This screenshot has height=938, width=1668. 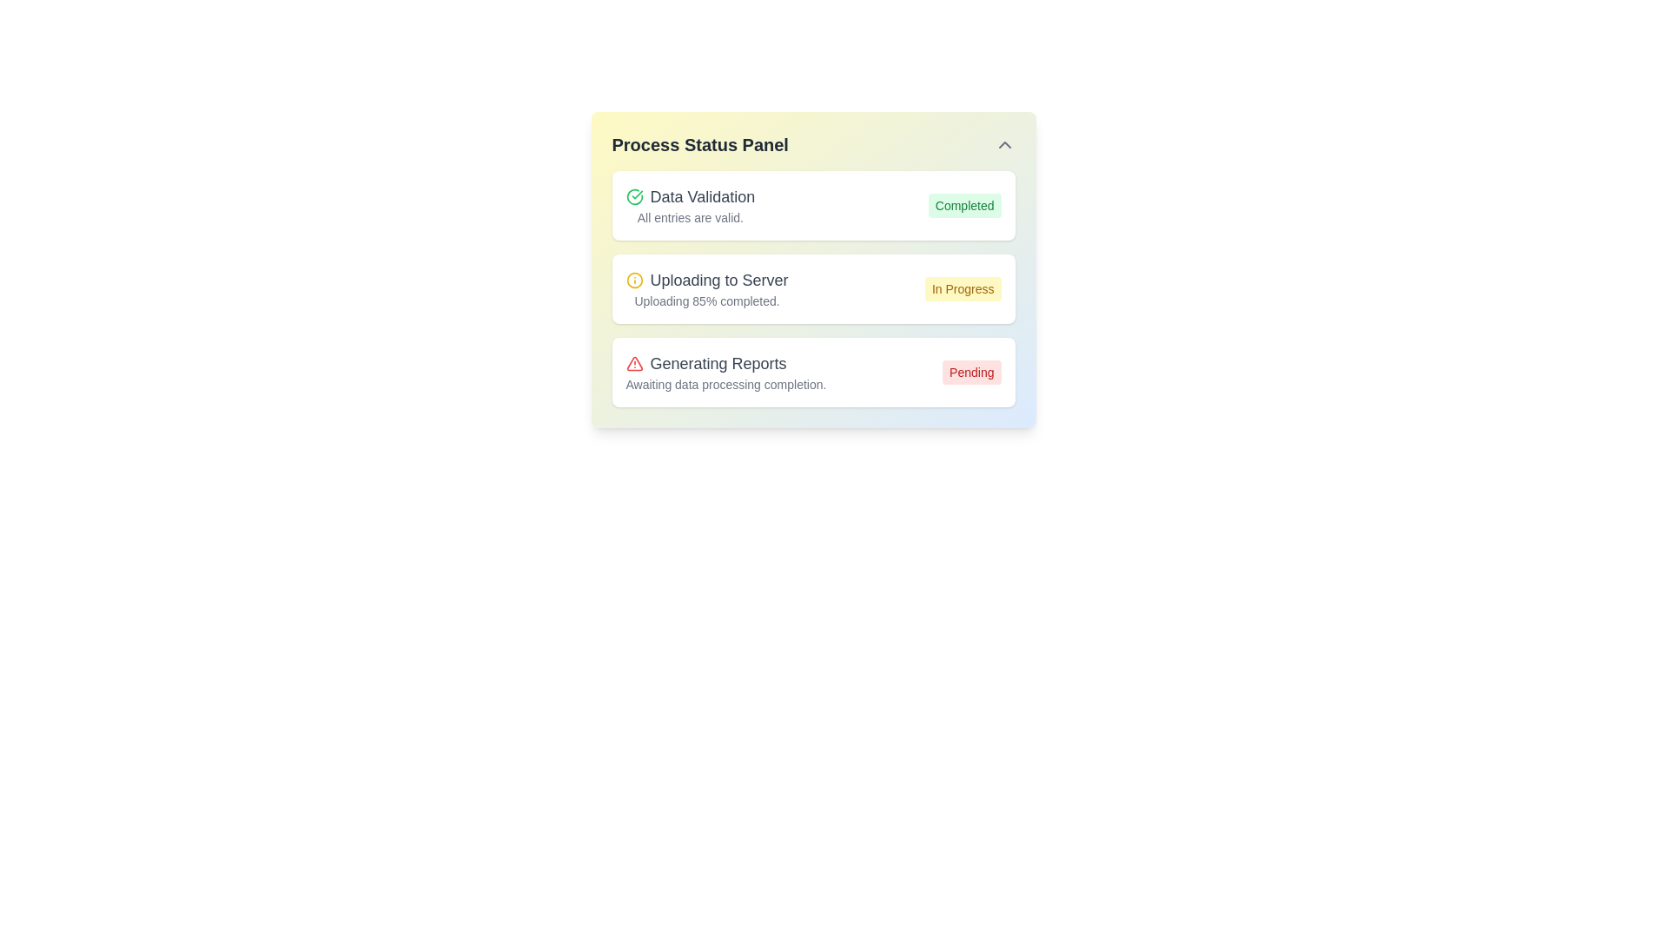 I want to click on the status message text located underneath the 'Generating Reports' heading, which explains the reason for the pending status of report generation, so click(x=725, y=384).